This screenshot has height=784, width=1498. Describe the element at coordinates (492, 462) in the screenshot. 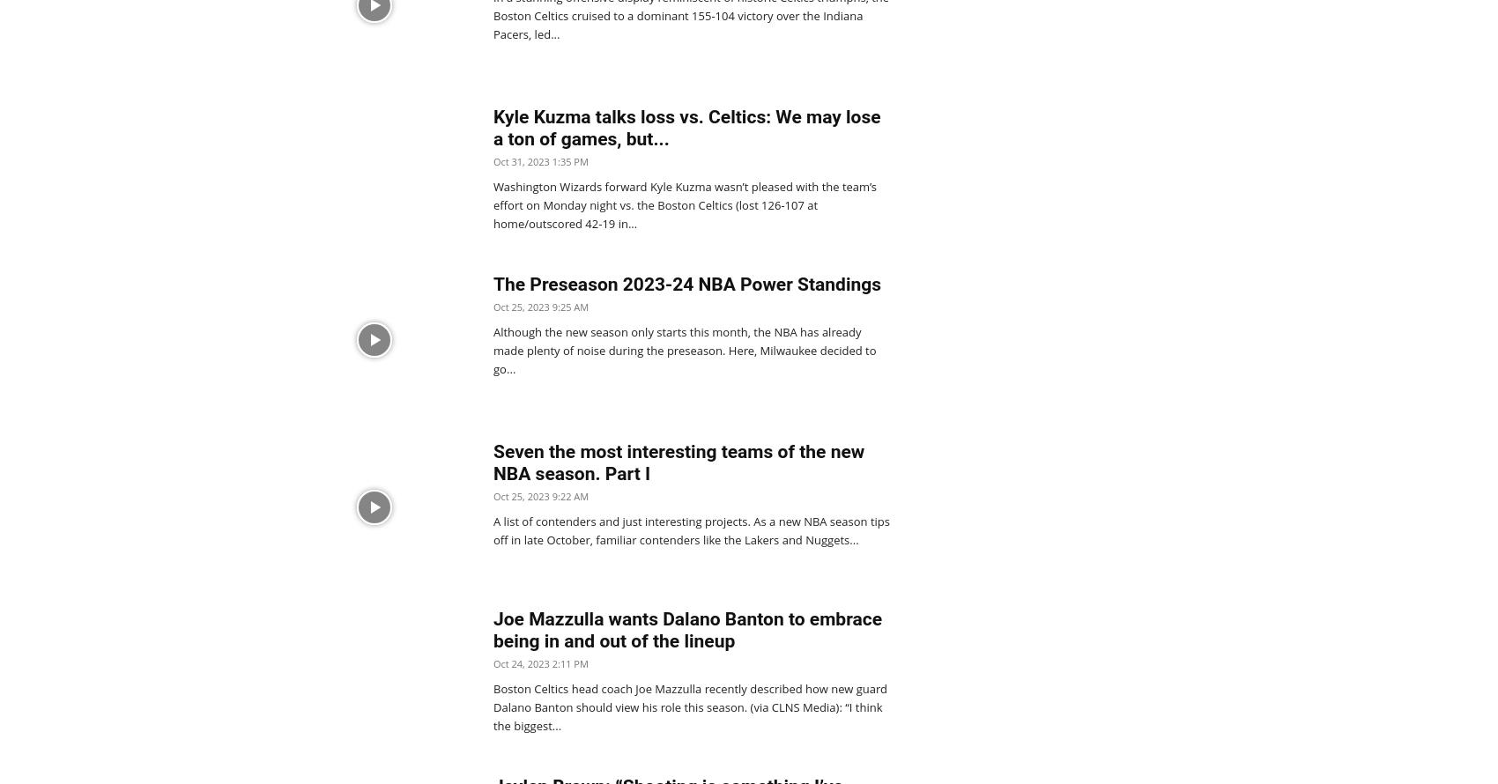

I see `'Seven the most interesting teams of the new NBA season. Part I'` at that location.